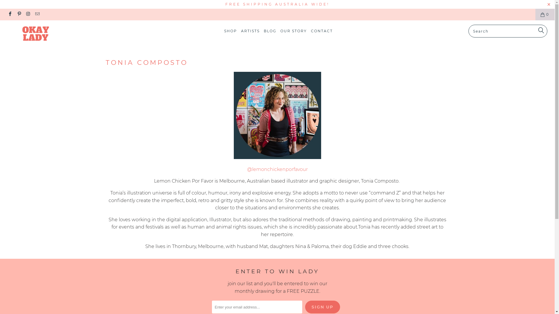 This screenshot has height=314, width=559. I want to click on 'OUR STORY', so click(280, 31).